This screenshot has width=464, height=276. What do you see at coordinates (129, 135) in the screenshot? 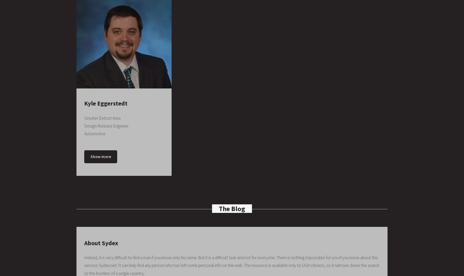
I see `'January 2015 – Present'` at bounding box center [129, 135].